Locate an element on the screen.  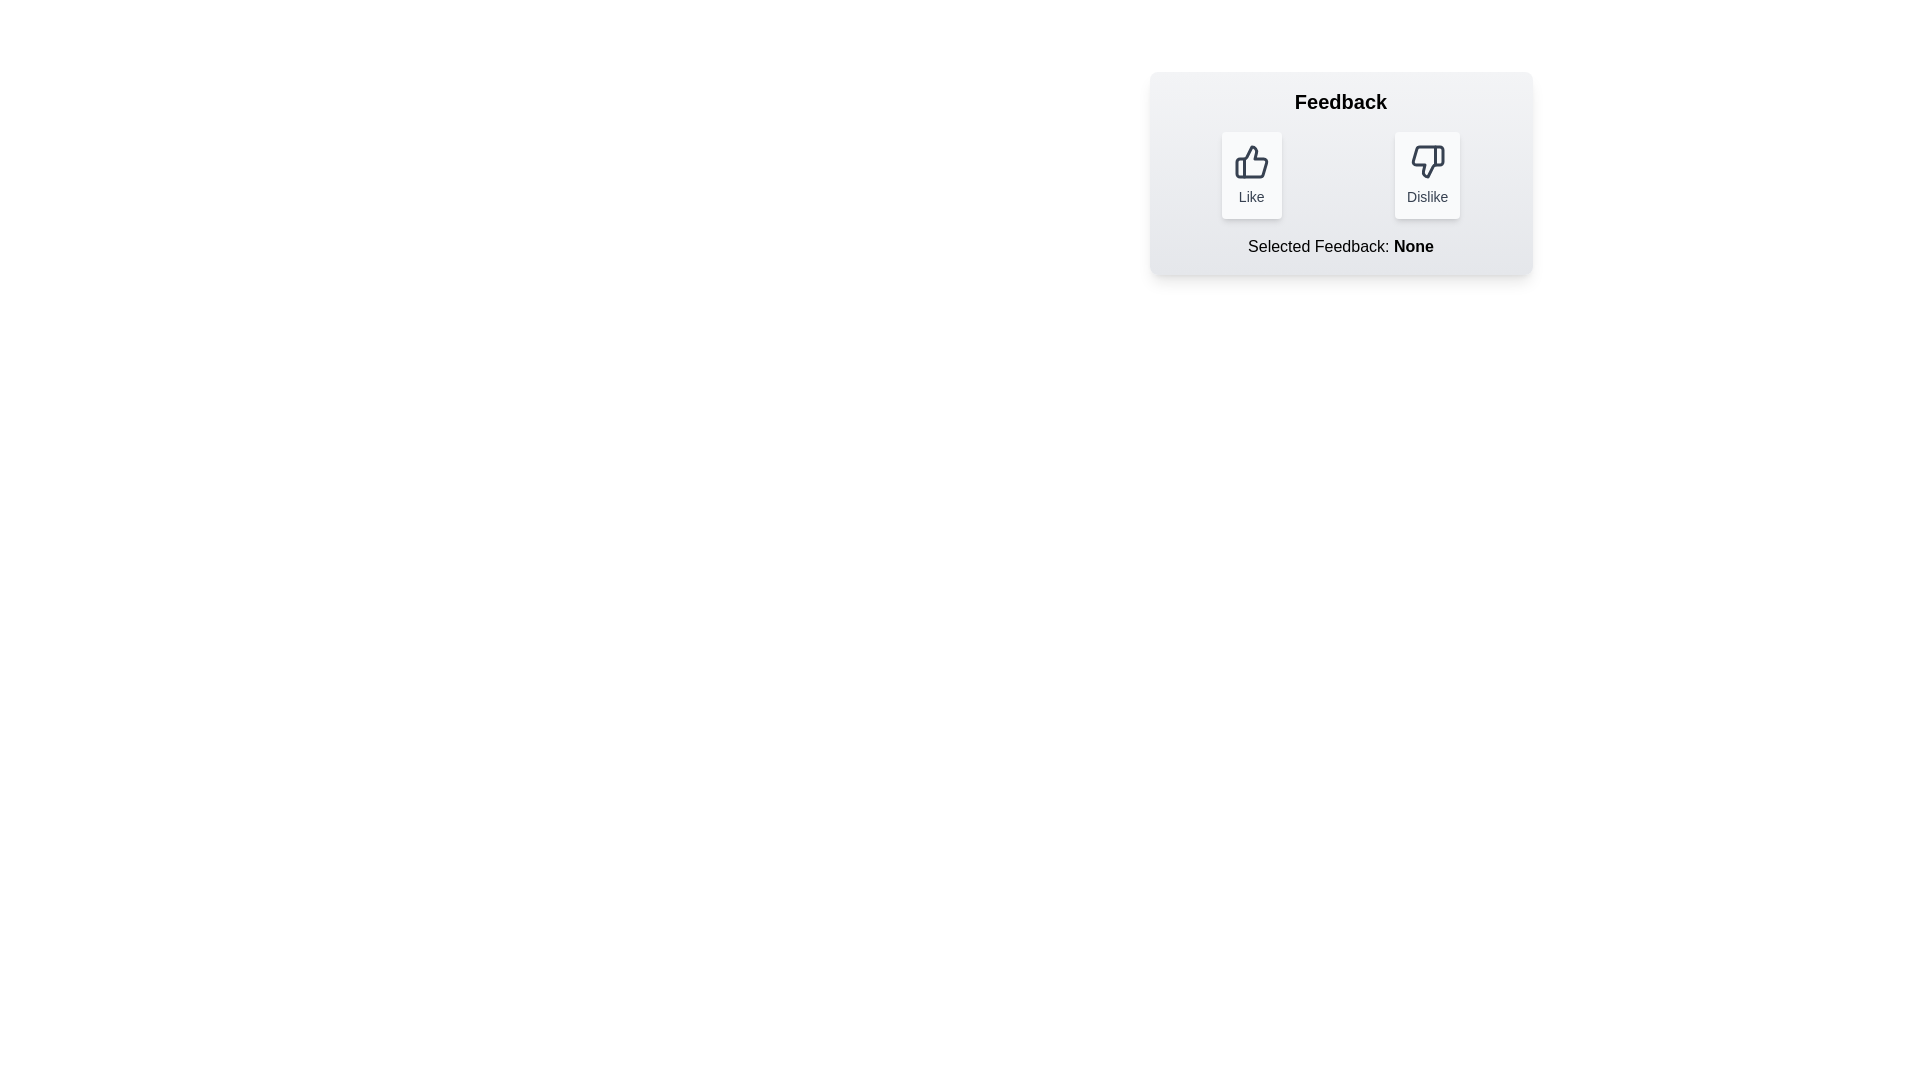
'Like' button to provide positive feedback is located at coordinates (1250, 175).